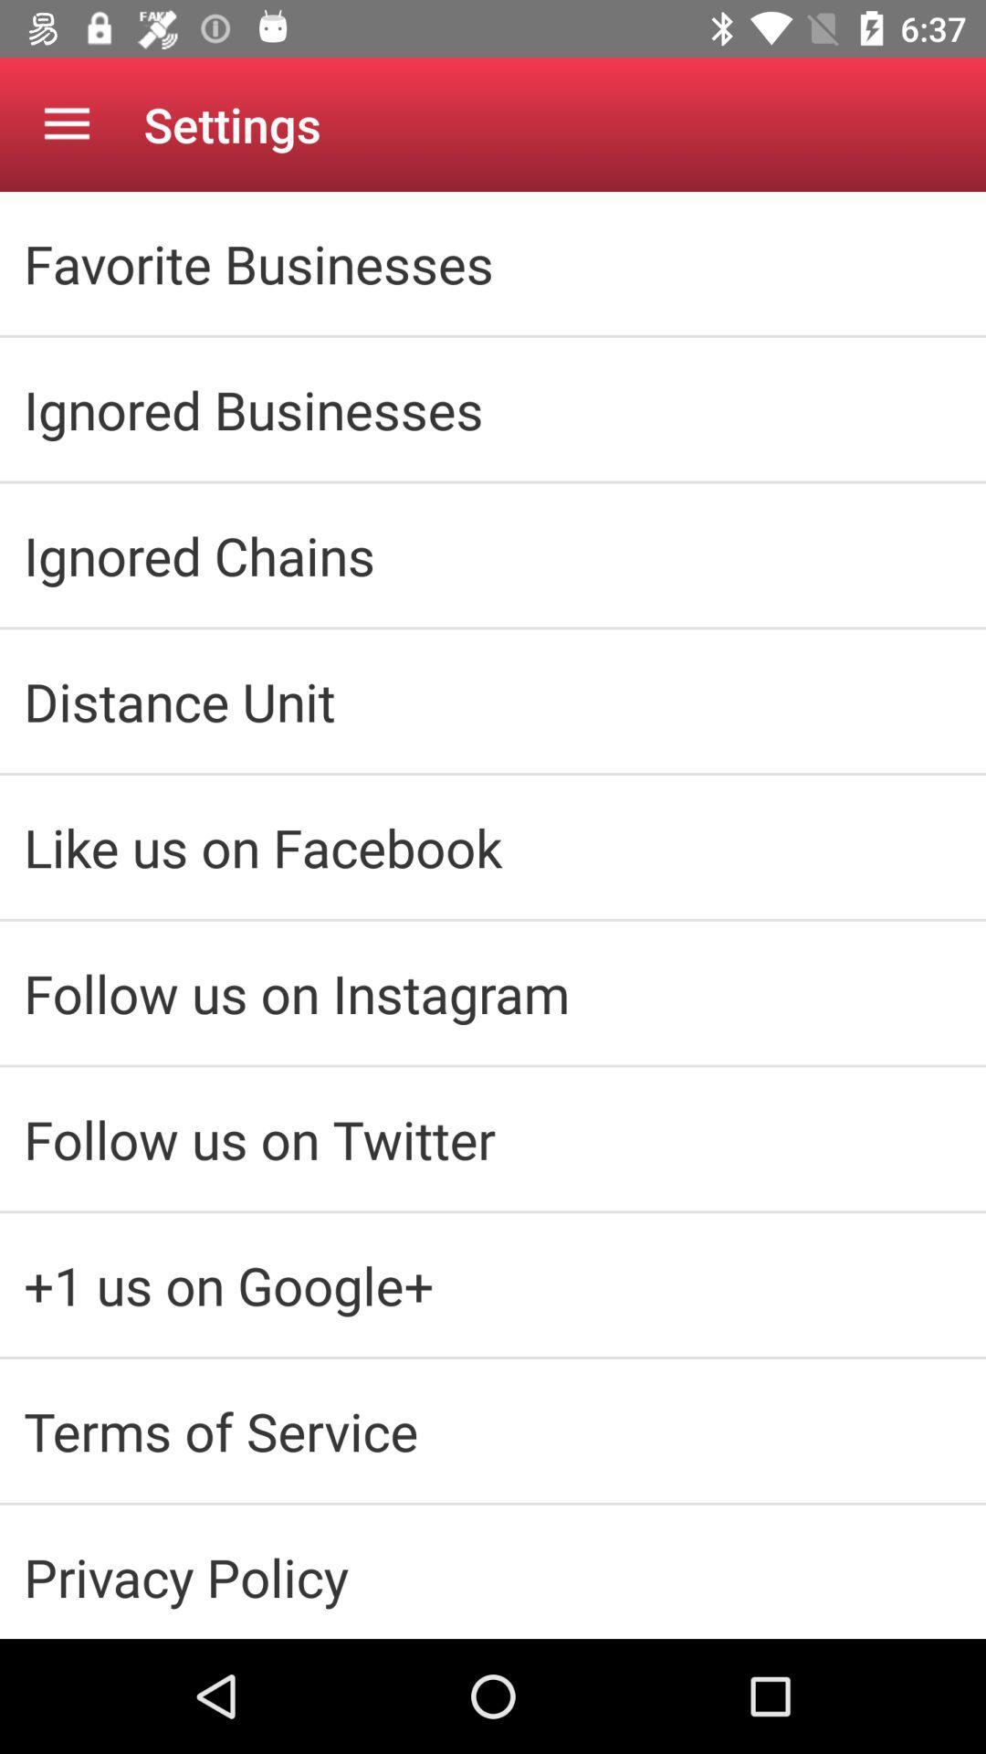 Image resolution: width=986 pixels, height=1754 pixels. Describe the element at coordinates (493, 408) in the screenshot. I see `the icon below the favorite businesses` at that location.